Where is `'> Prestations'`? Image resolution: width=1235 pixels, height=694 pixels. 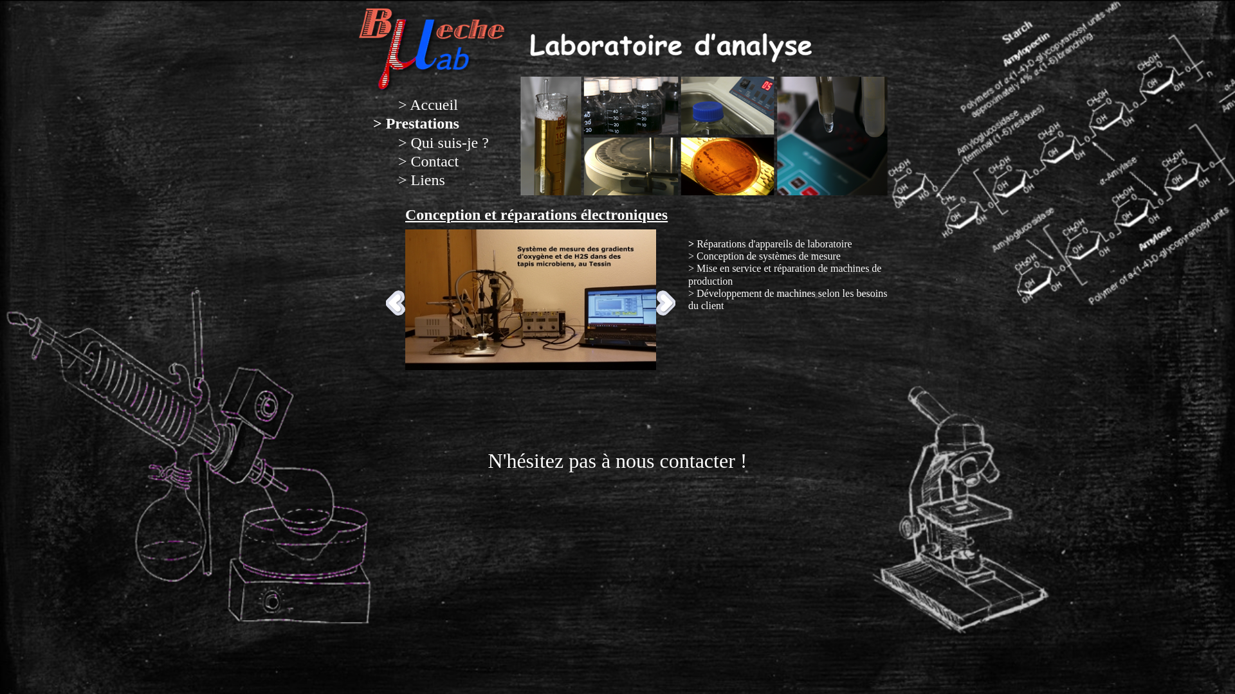
'> Prestations' is located at coordinates (416, 123).